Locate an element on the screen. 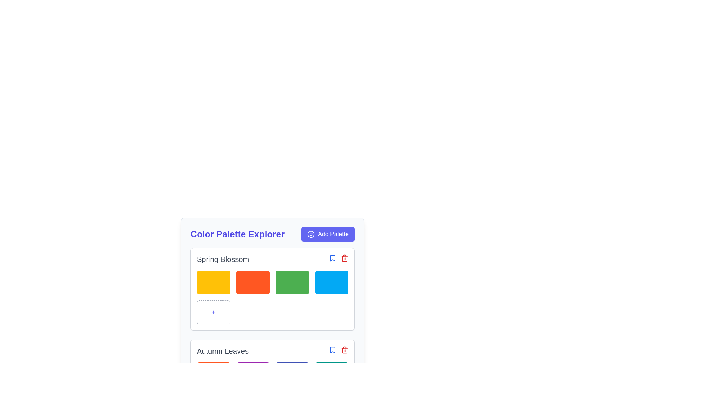  the trash icon with a red color scheme, located to the far right of the 'Spring Blossom' palette header is located at coordinates (344, 257).